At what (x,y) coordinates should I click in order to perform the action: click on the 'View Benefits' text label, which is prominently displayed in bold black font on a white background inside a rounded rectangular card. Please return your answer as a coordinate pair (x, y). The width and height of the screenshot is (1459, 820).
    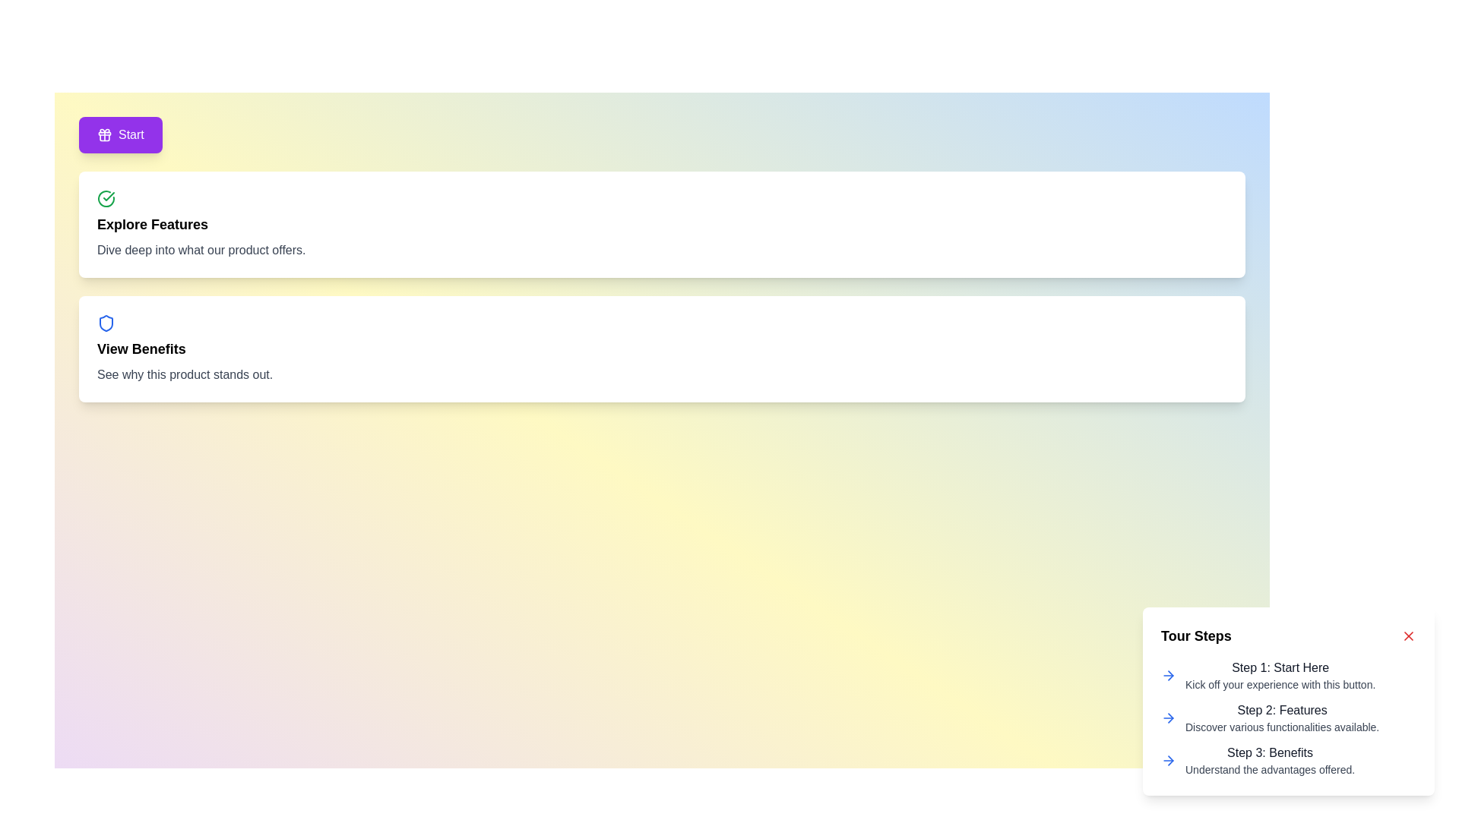
    Looking at the image, I should click on (141, 348).